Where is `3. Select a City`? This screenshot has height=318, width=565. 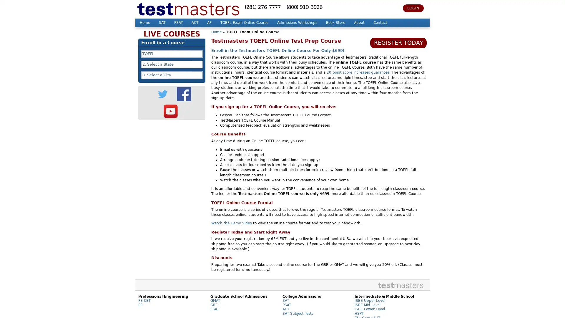
3. Select a City is located at coordinates (172, 74).